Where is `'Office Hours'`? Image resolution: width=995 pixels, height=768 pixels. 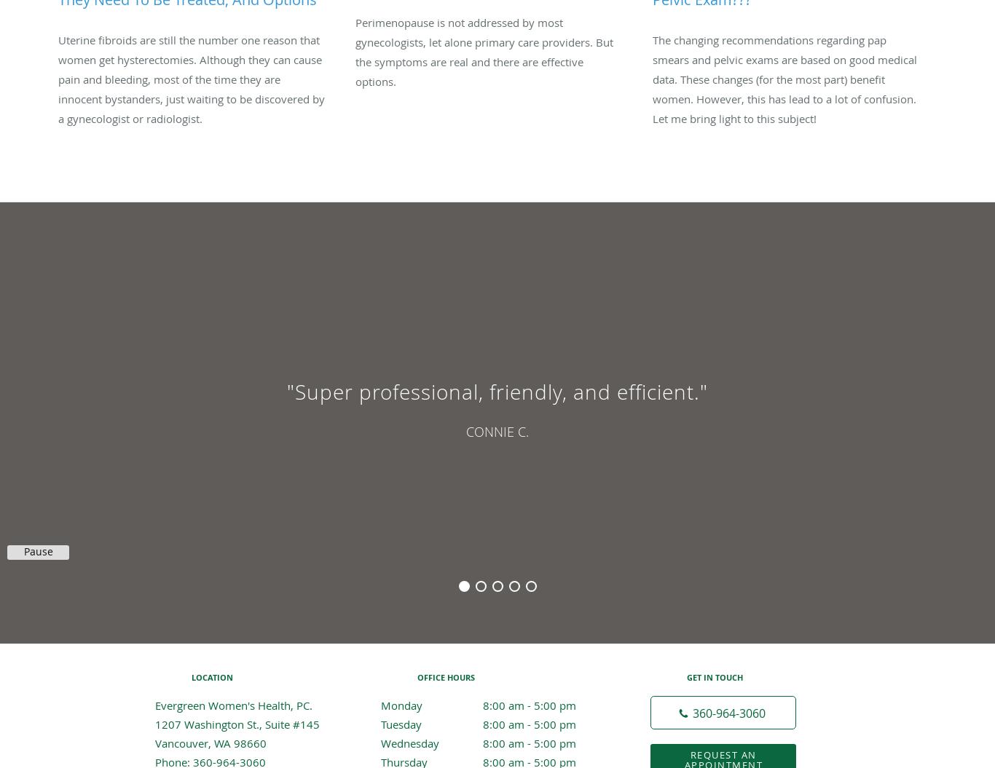
'Office Hours' is located at coordinates (445, 676).